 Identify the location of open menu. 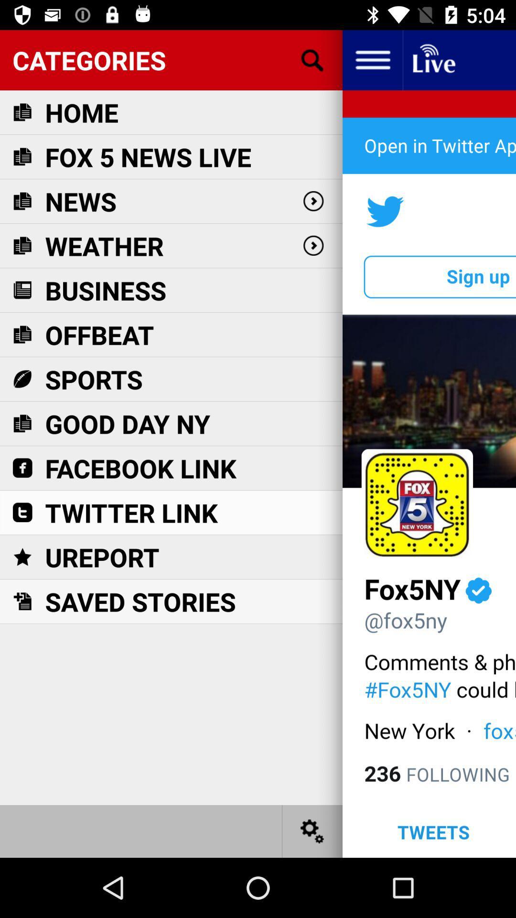
(372, 59).